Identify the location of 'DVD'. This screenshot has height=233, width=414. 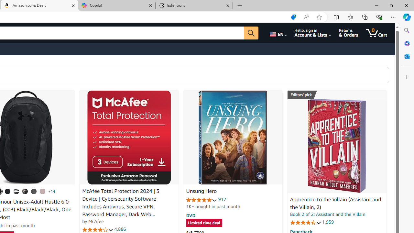
(191, 215).